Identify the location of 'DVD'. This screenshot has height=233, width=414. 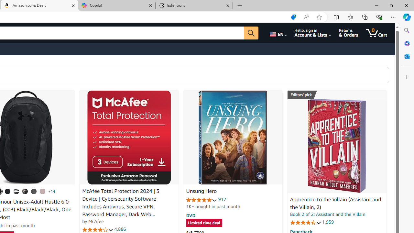
(191, 215).